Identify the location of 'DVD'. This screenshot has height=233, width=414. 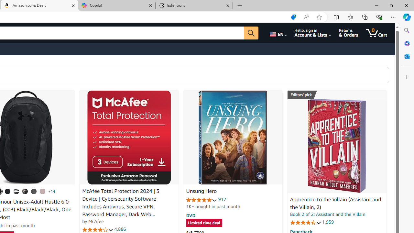
(191, 215).